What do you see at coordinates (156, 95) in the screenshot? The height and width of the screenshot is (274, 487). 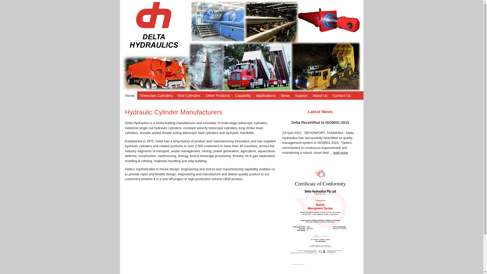 I see `'Telescopic Cylinders'` at bounding box center [156, 95].